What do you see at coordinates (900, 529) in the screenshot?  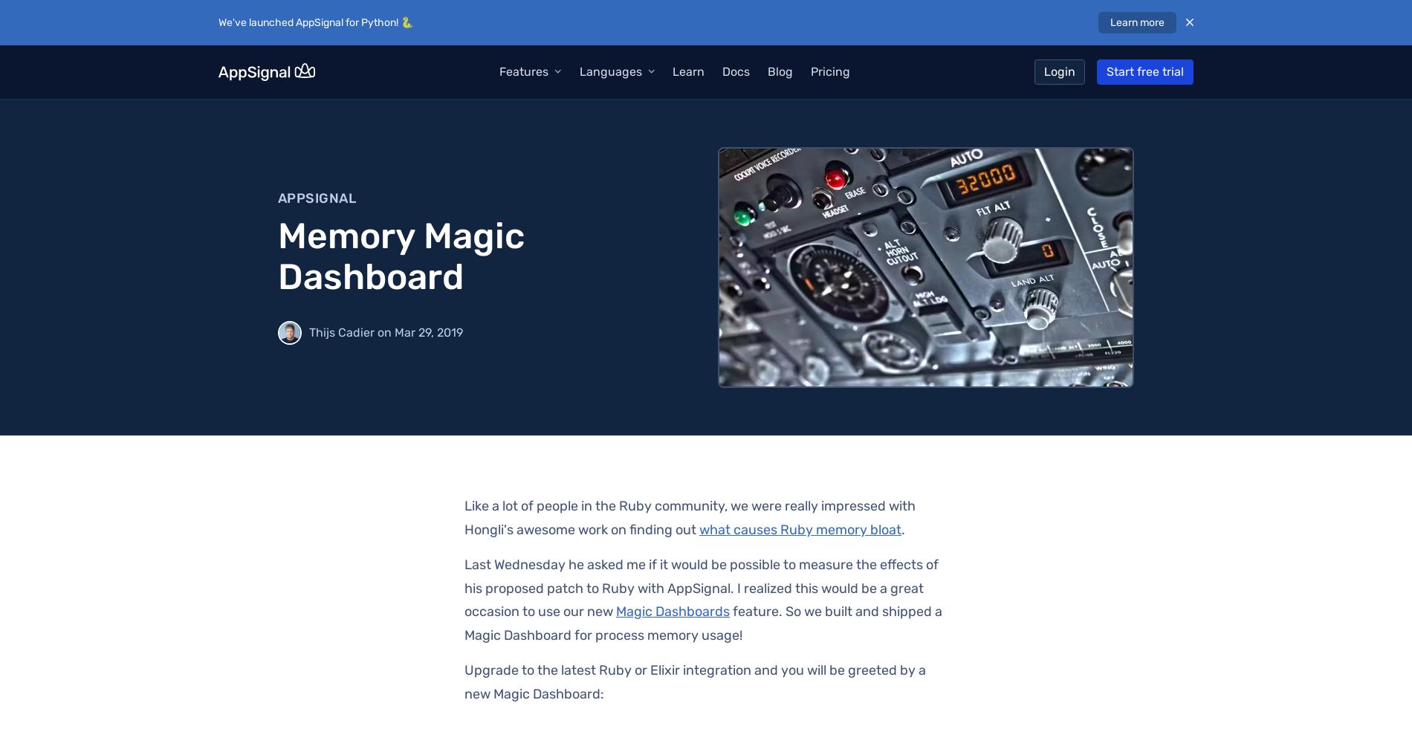 I see `'.'` at bounding box center [900, 529].